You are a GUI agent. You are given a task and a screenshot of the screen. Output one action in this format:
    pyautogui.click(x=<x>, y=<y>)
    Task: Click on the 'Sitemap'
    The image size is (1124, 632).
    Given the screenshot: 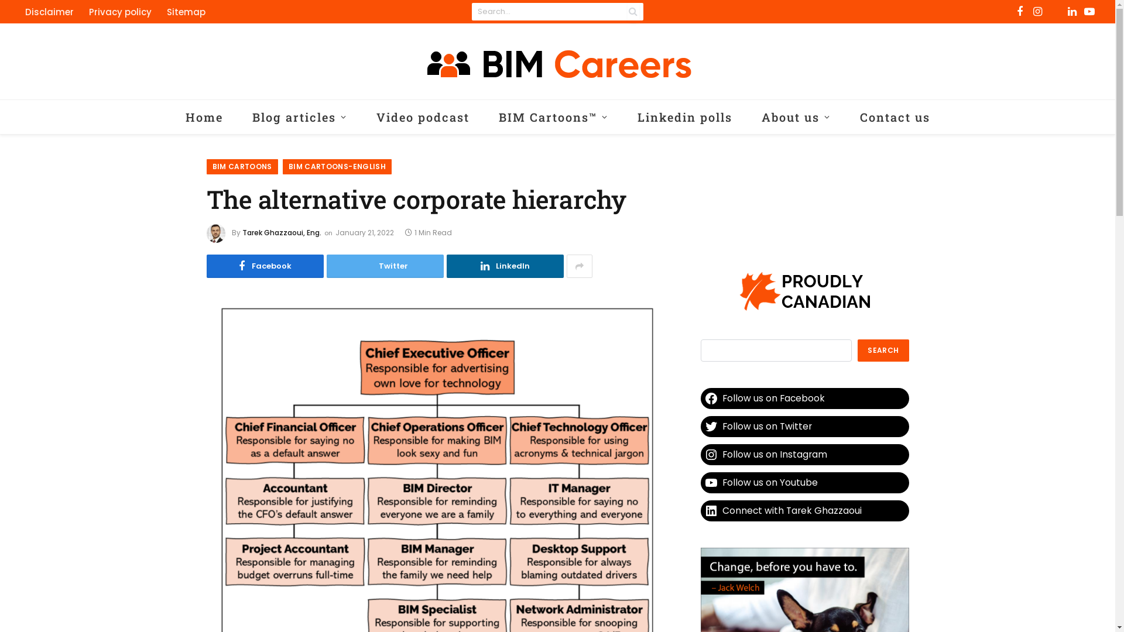 What is the action you would take?
    pyautogui.click(x=185, y=11)
    